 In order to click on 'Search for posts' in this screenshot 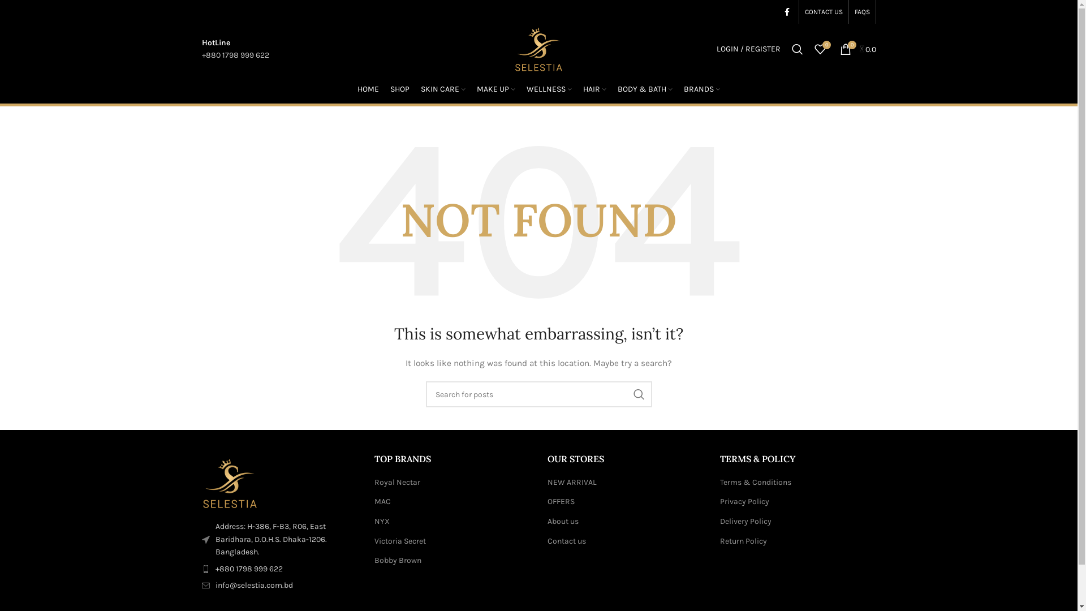, I will do `click(537, 394)`.